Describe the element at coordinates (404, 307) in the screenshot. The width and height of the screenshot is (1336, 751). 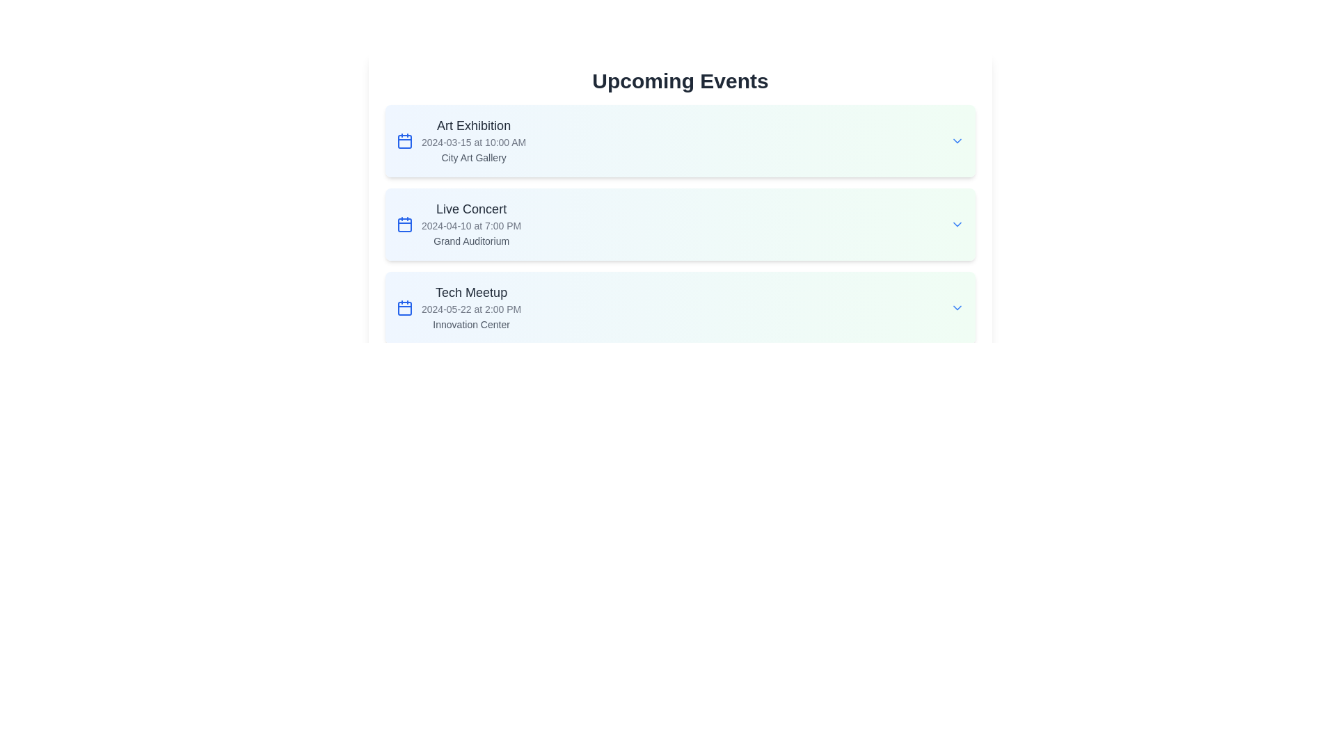
I see `the rounded rectangle background of the calendar icon located on the left side of the 'Tech Meetup' entry in the 'Upcoming Events' list` at that location.